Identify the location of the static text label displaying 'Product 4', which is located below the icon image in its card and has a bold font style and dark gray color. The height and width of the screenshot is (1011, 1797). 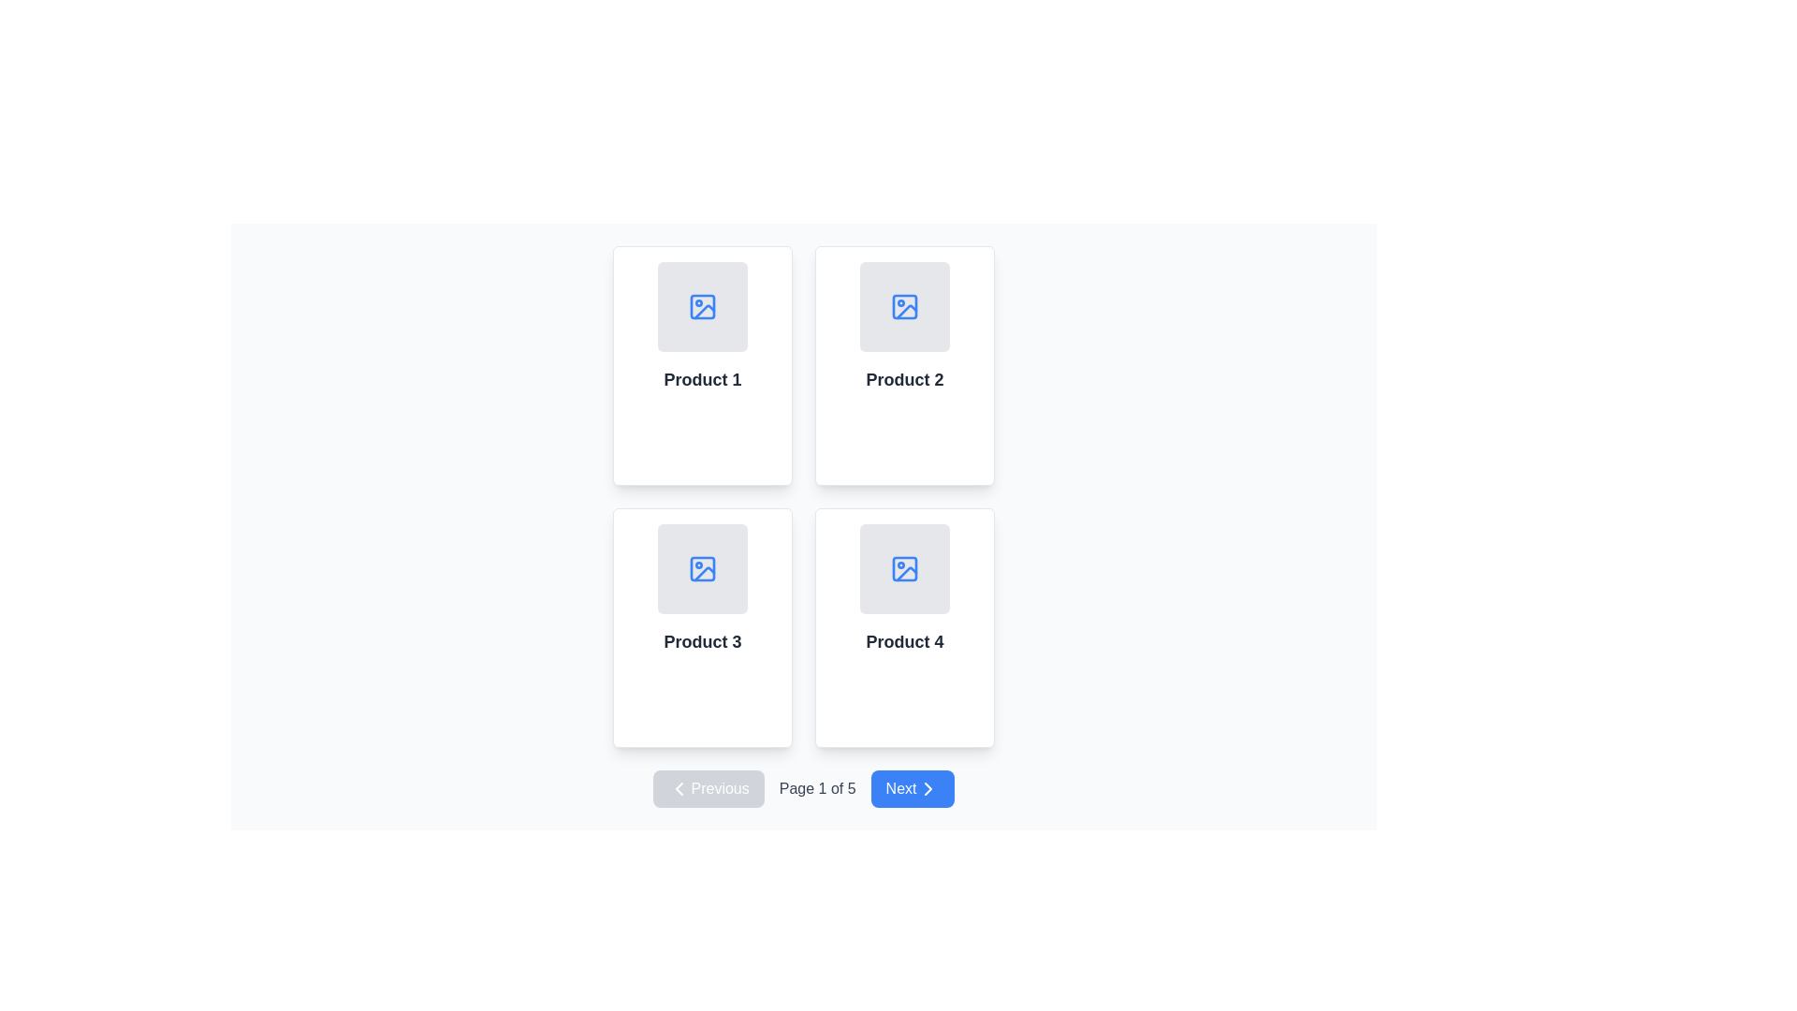
(904, 641).